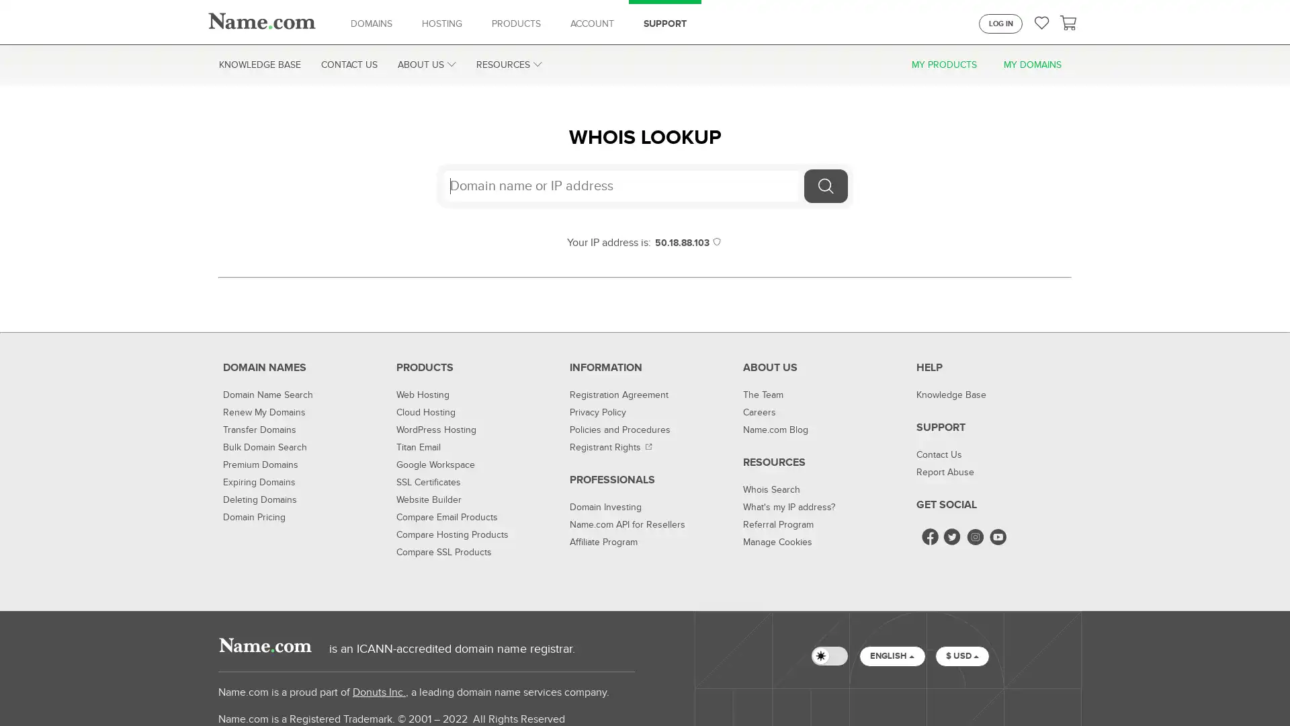 The image size is (1290, 726). I want to click on Search, so click(825, 186).